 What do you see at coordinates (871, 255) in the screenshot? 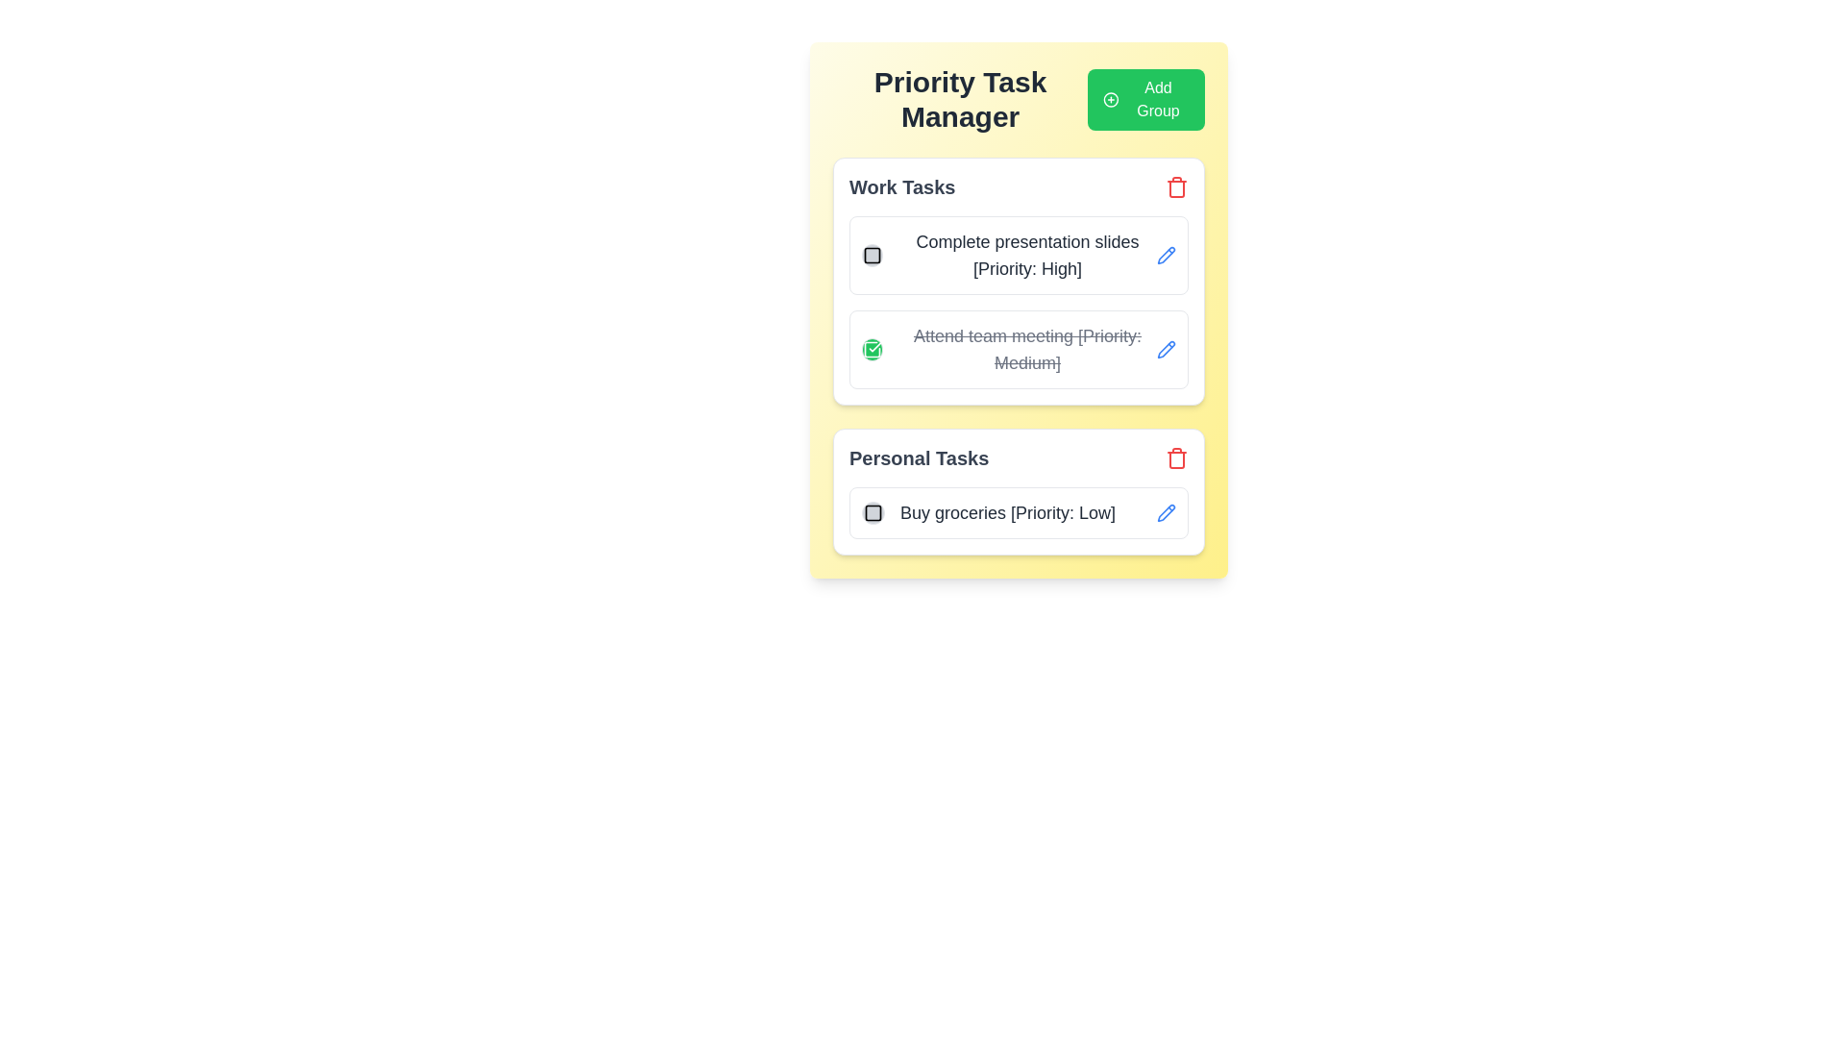
I see `the circular checkbox or toggle button with an empty square icon, located to the far left of the row containing the text 'Complete presentation slides [Priority: High]'` at bounding box center [871, 255].